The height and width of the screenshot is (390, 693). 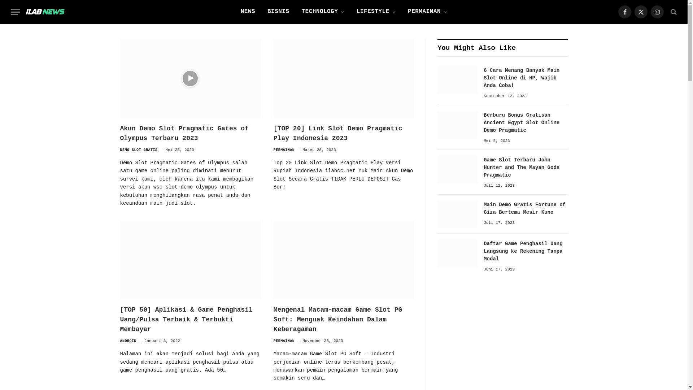 What do you see at coordinates (139, 149) in the screenshot?
I see `'DEMO SLOT GRATIS'` at bounding box center [139, 149].